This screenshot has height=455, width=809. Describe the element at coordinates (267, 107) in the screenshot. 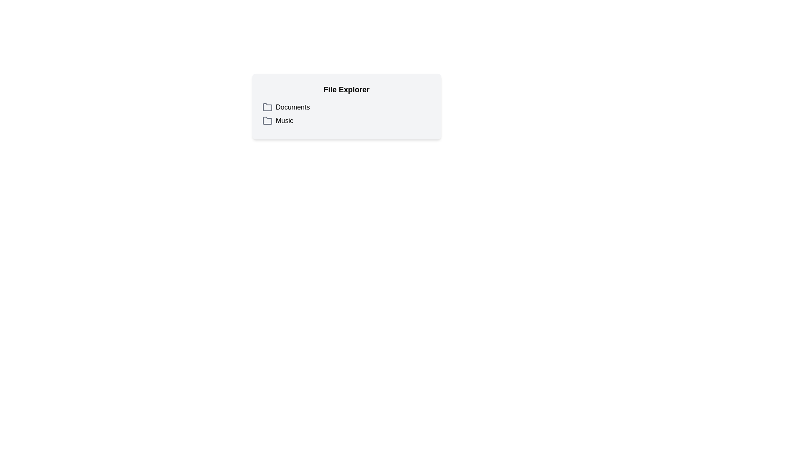

I see `the folder icon that represents the 'Documents' folder` at that location.